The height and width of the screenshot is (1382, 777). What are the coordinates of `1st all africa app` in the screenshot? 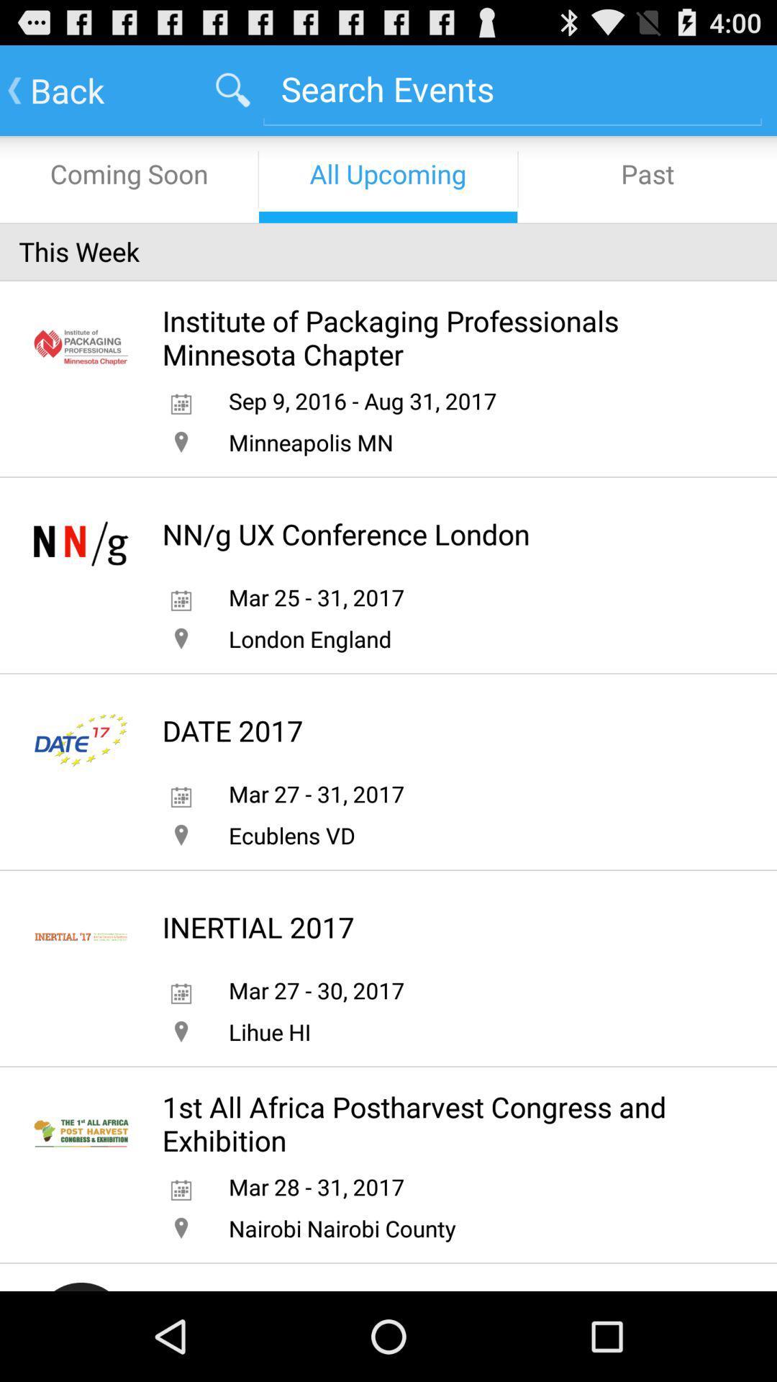 It's located at (438, 1123).